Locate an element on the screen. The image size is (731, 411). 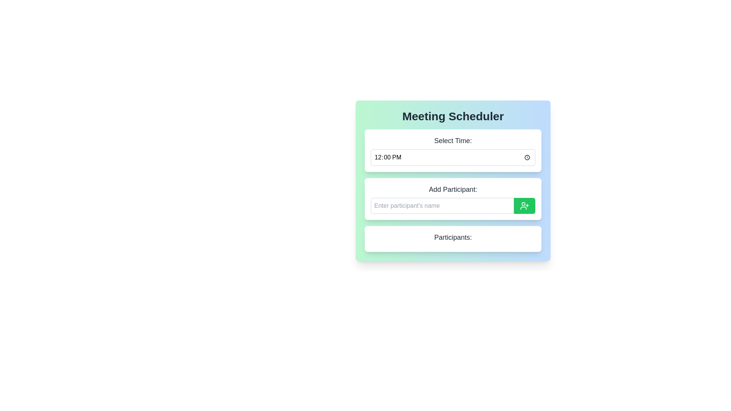
the text input field within the 'Add Participant:' section is located at coordinates (453, 205).